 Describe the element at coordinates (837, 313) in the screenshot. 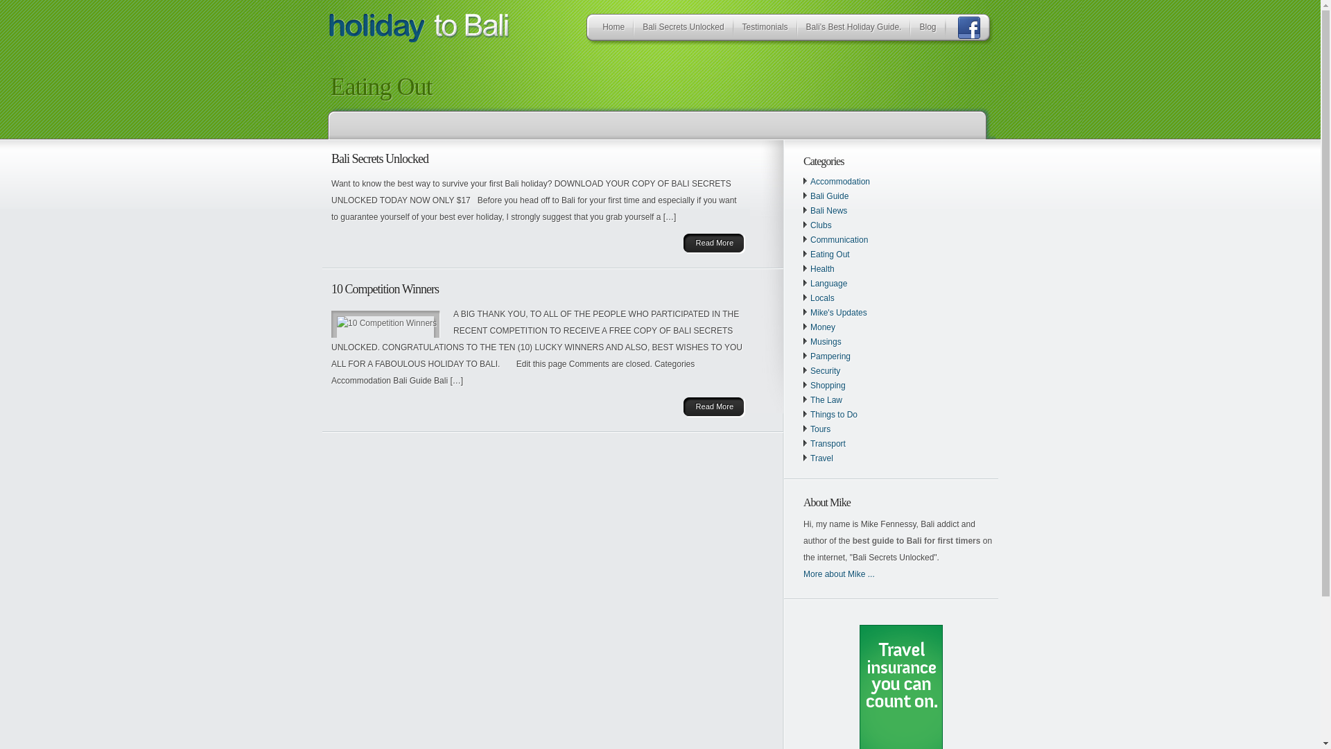

I see `'Mike's Updates'` at that location.